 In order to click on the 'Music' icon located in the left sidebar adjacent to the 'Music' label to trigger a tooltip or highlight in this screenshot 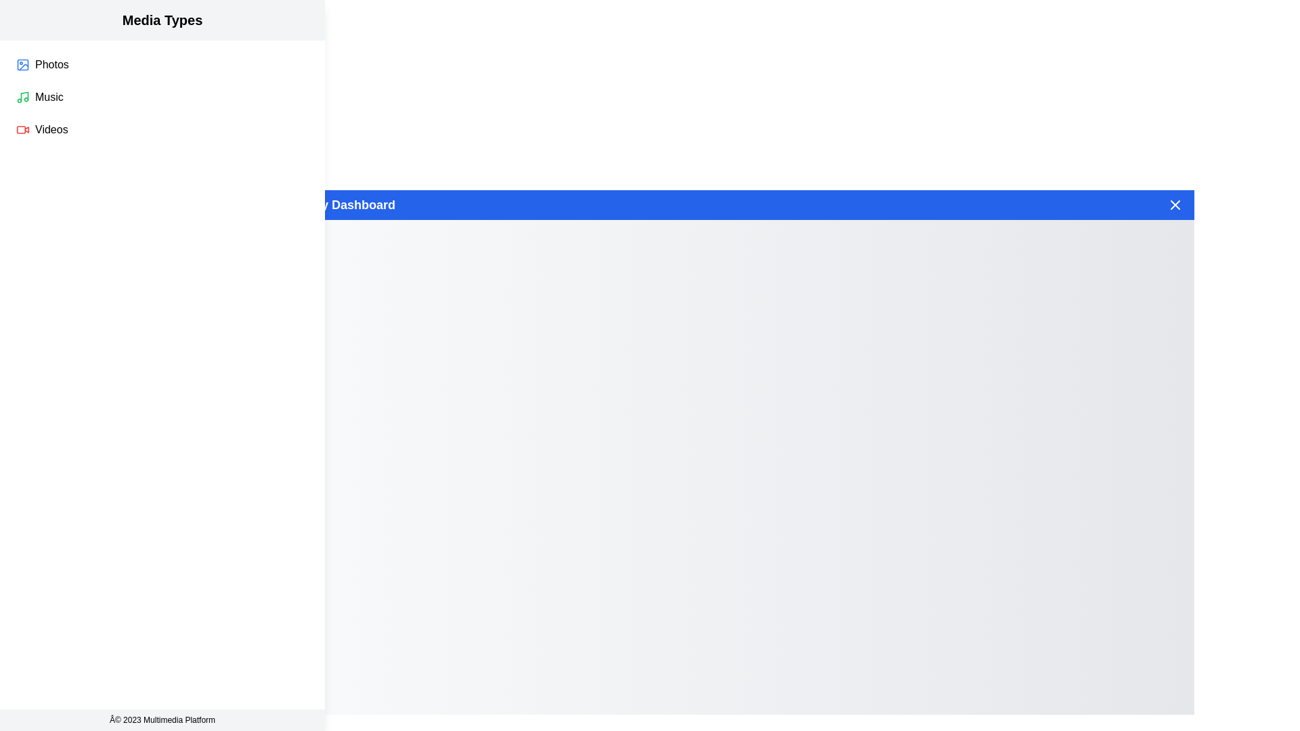, I will do `click(22, 96)`.